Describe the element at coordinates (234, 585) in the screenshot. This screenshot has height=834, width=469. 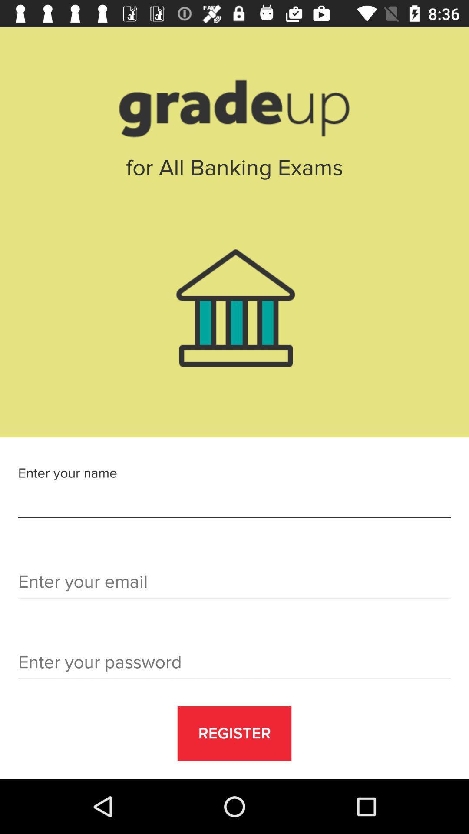
I see `mail id` at that location.